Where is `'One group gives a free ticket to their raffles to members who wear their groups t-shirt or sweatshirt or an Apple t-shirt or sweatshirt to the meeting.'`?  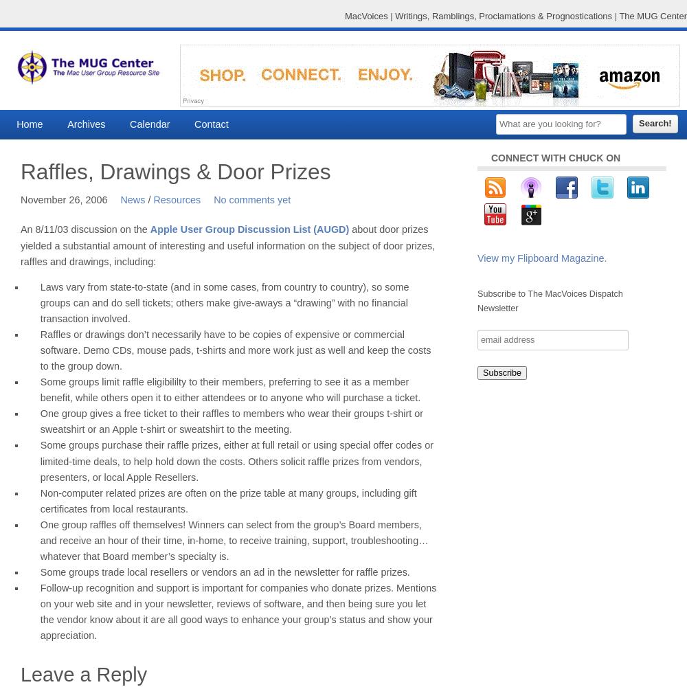
'One group gives a free ticket to their raffles to members who wear their groups t-shirt or sweatshirt or an Apple t-shirt or sweatshirt to the meeting.' is located at coordinates (231, 420).